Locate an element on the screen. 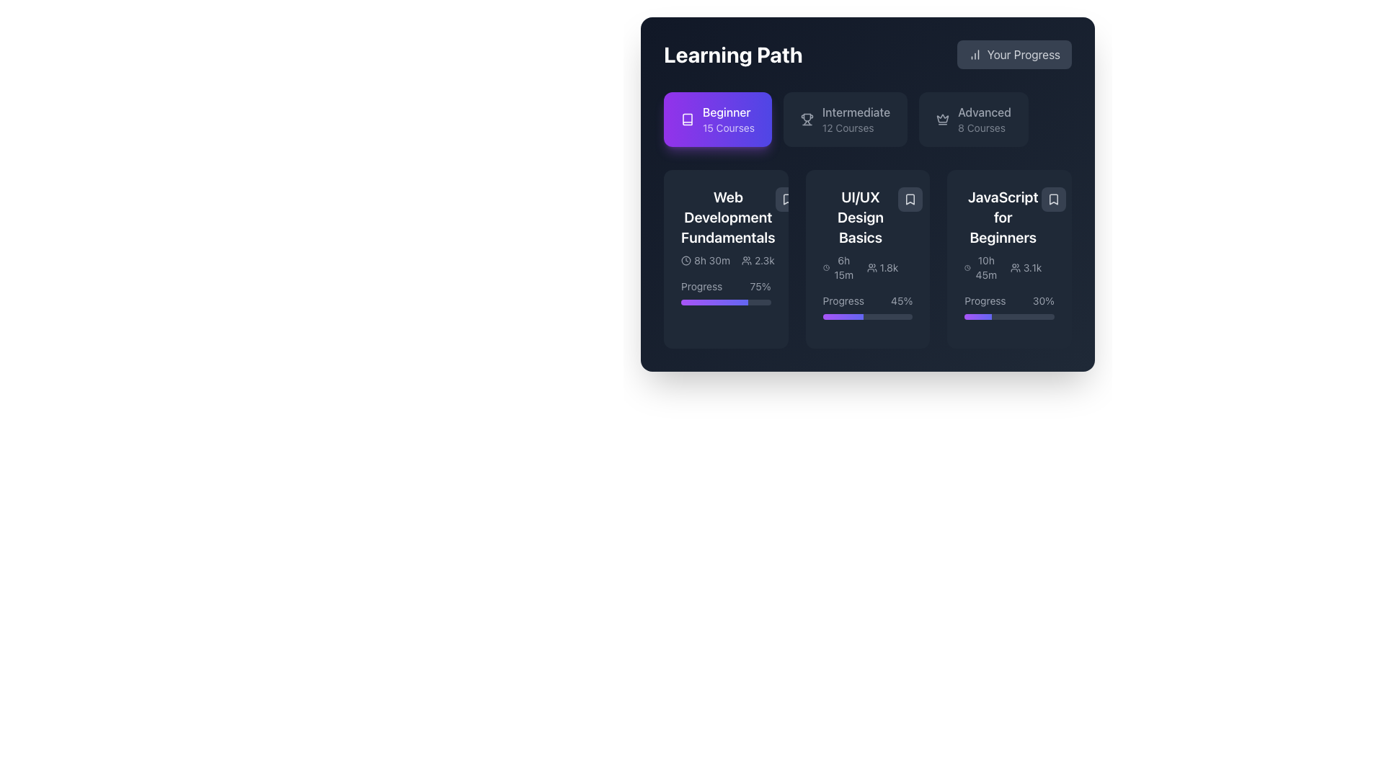 Image resolution: width=1384 pixels, height=778 pixels. the text label displaying 'UI/UX Design Basics' which is centered within a dark rectangular card in the middle card of the second row is located at coordinates (861, 217).